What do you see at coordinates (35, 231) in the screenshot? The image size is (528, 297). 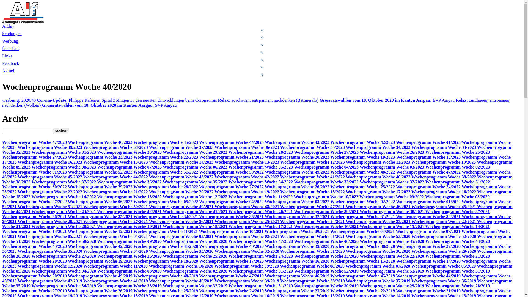 I see `'Wochenprogramm Woche 13/2021'` at bounding box center [35, 231].